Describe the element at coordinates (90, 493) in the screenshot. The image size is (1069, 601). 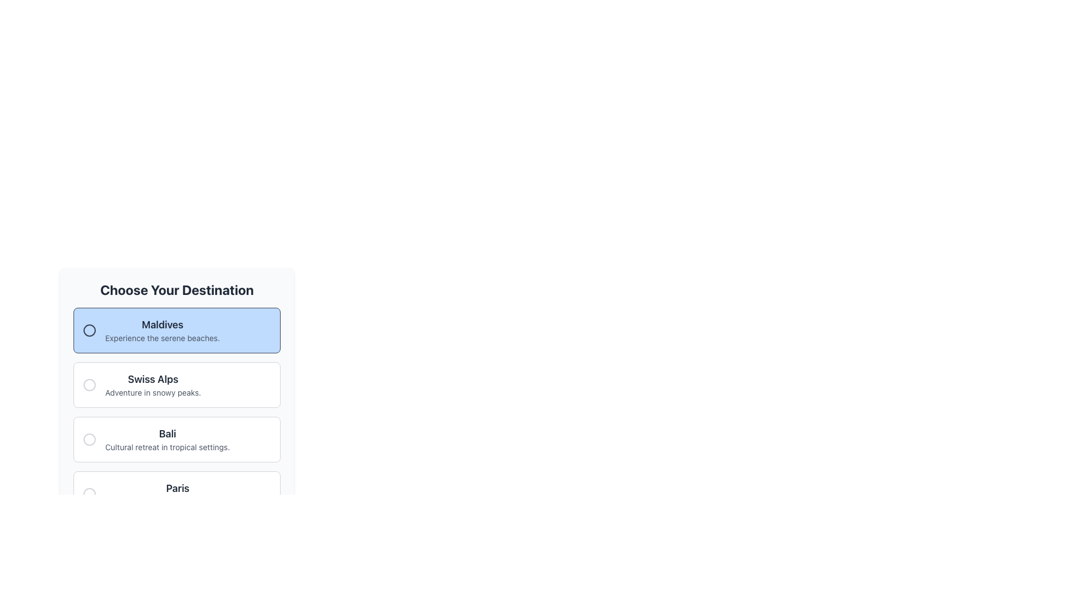
I see `the radio button` at that location.